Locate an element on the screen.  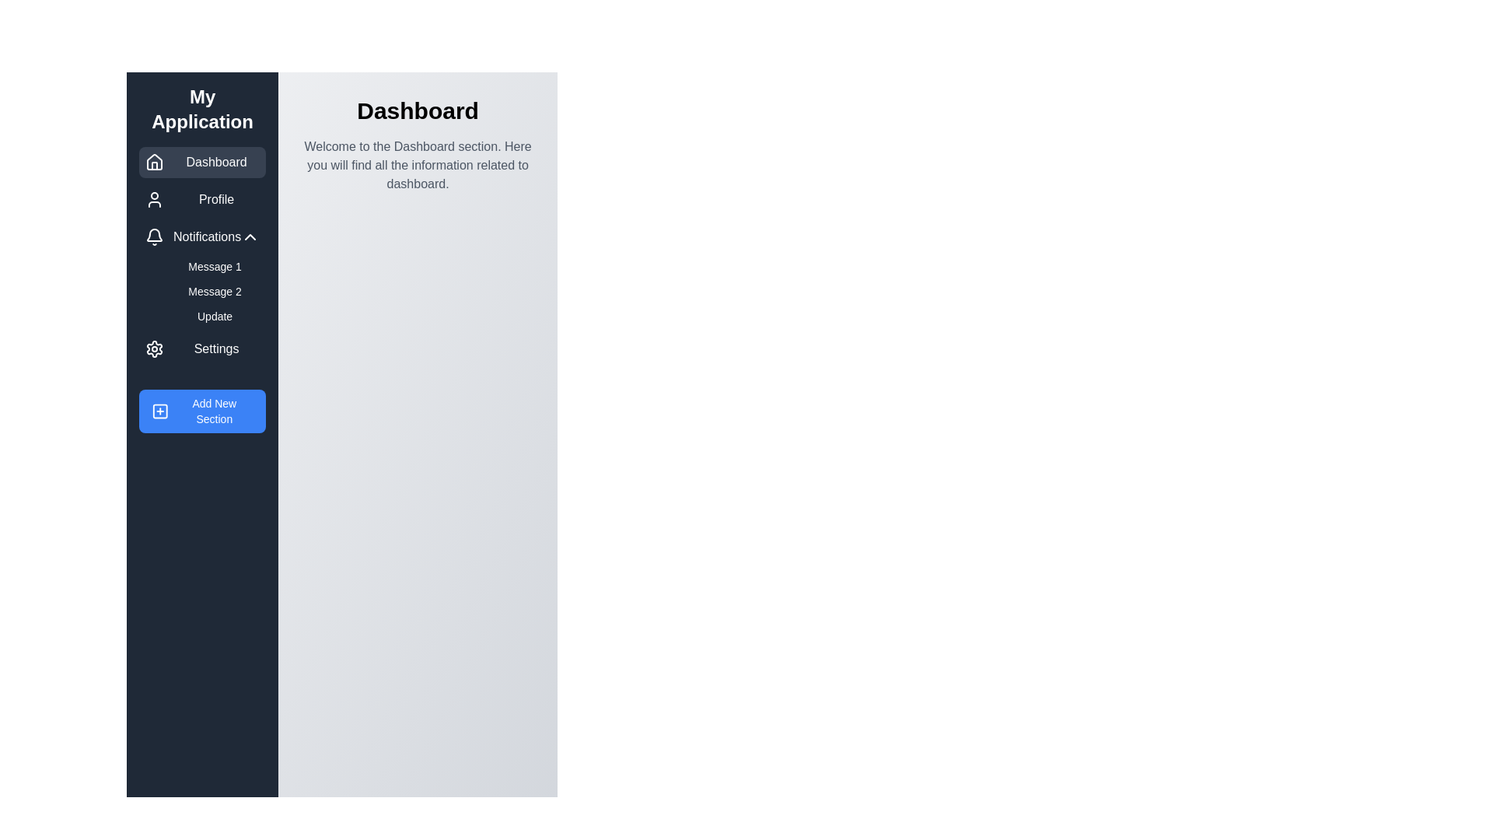
the toggle button located at the far-right side of the 'Notifications' menu item in the sidebar is located at coordinates (250, 236).